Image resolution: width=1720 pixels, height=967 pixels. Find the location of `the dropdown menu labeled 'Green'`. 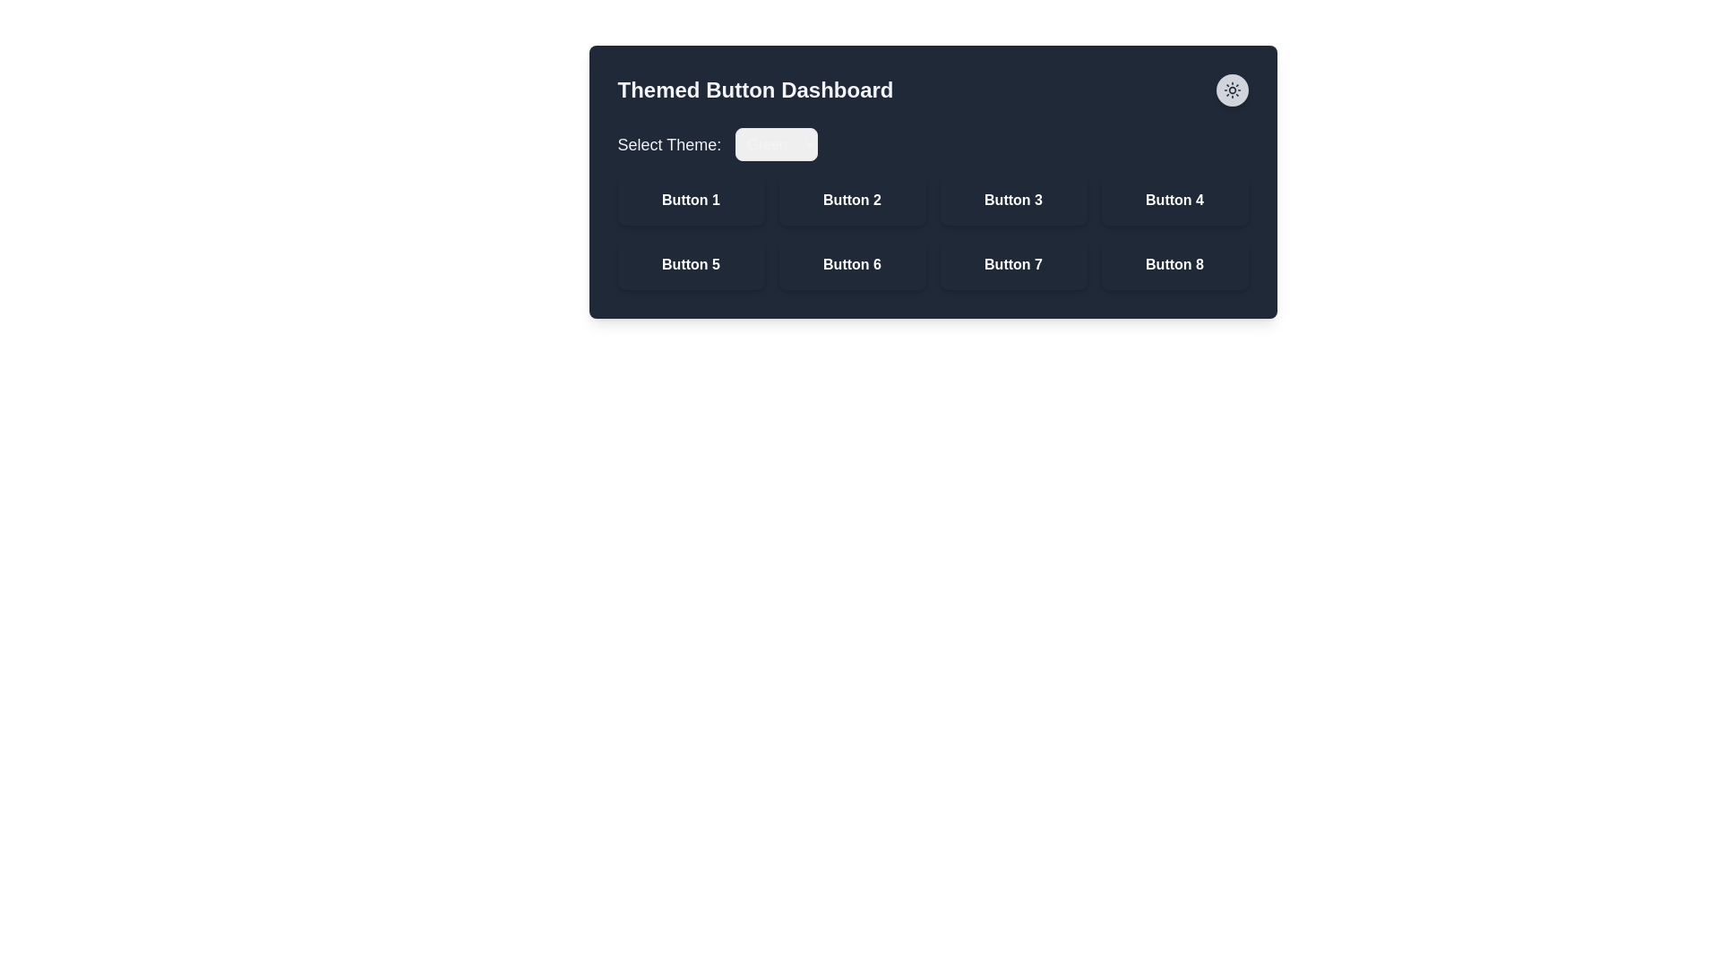

the dropdown menu labeled 'Green' is located at coordinates (777, 143).